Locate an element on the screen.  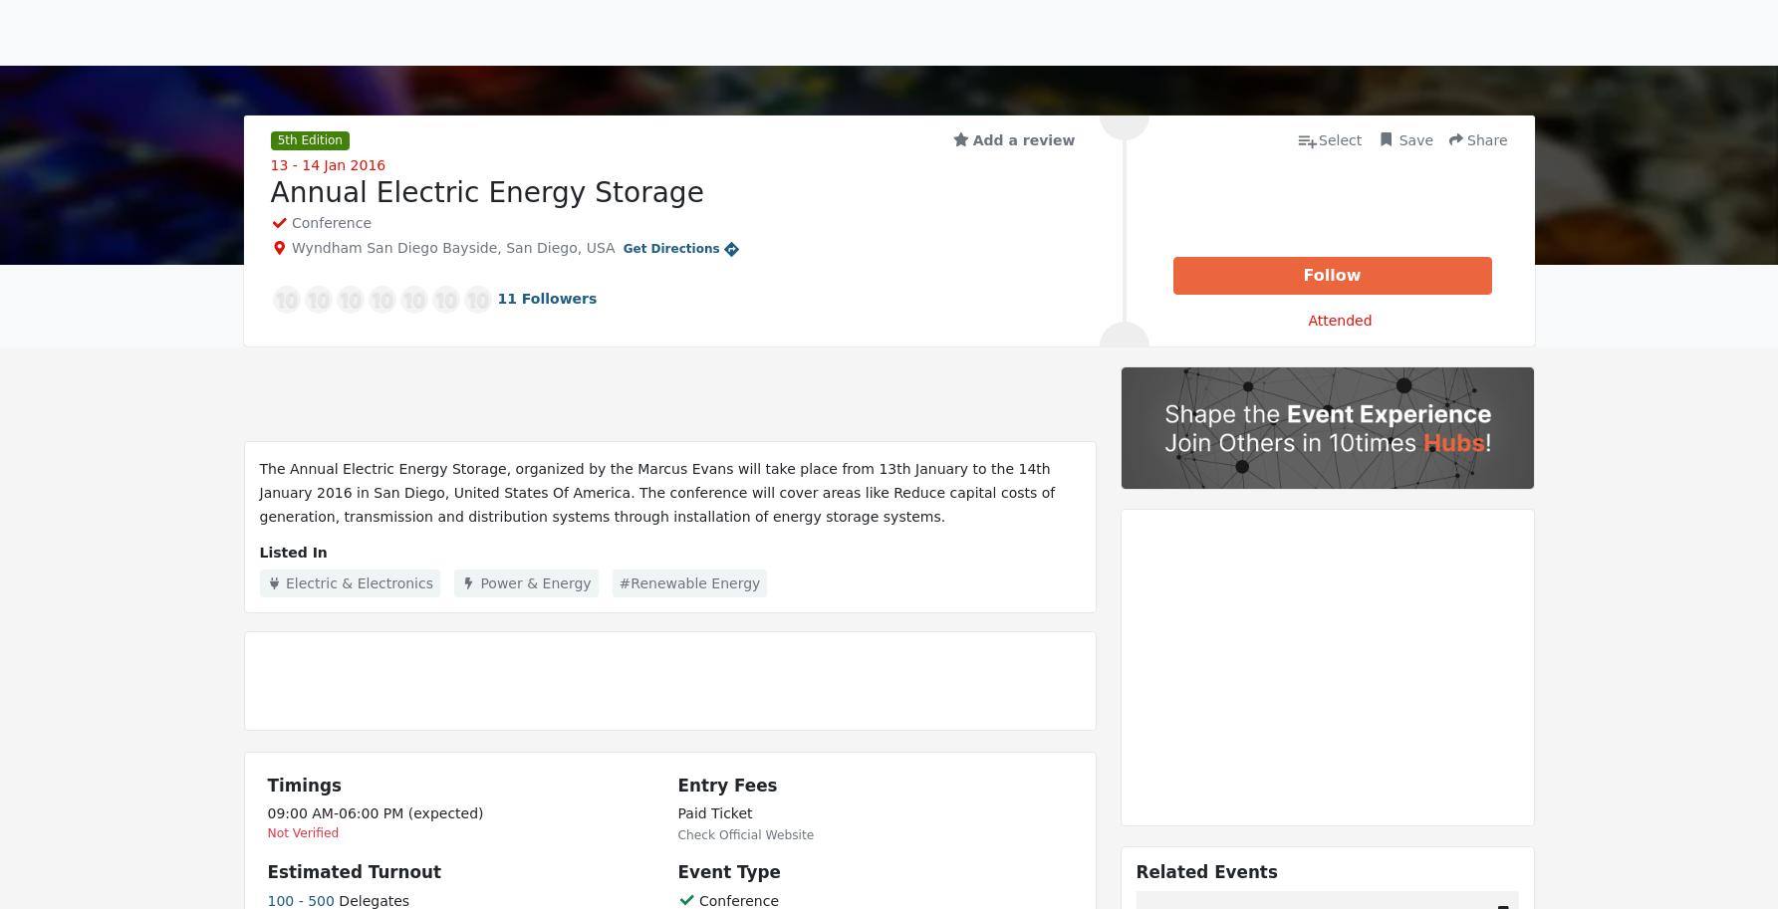
'Exhibitors' is located at coordinates (486, 91).